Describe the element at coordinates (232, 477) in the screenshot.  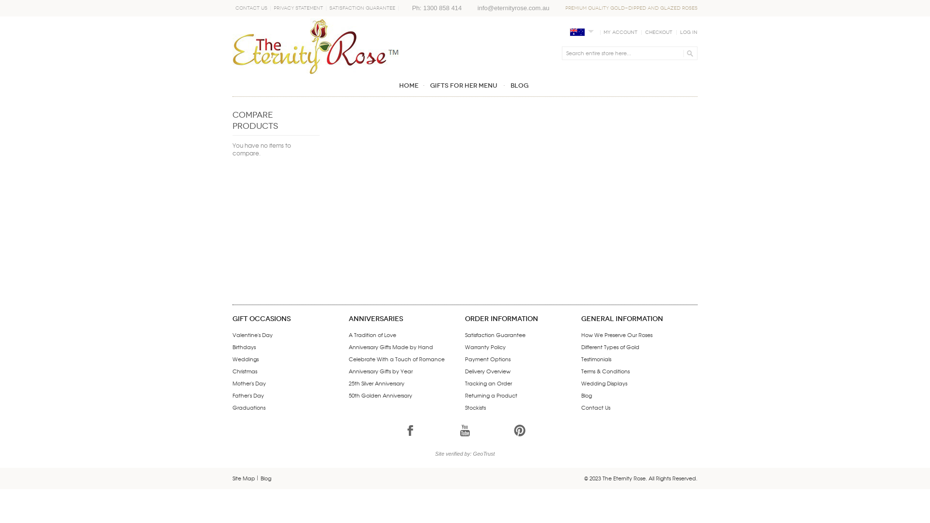
I see `'Site Map'` at that location.